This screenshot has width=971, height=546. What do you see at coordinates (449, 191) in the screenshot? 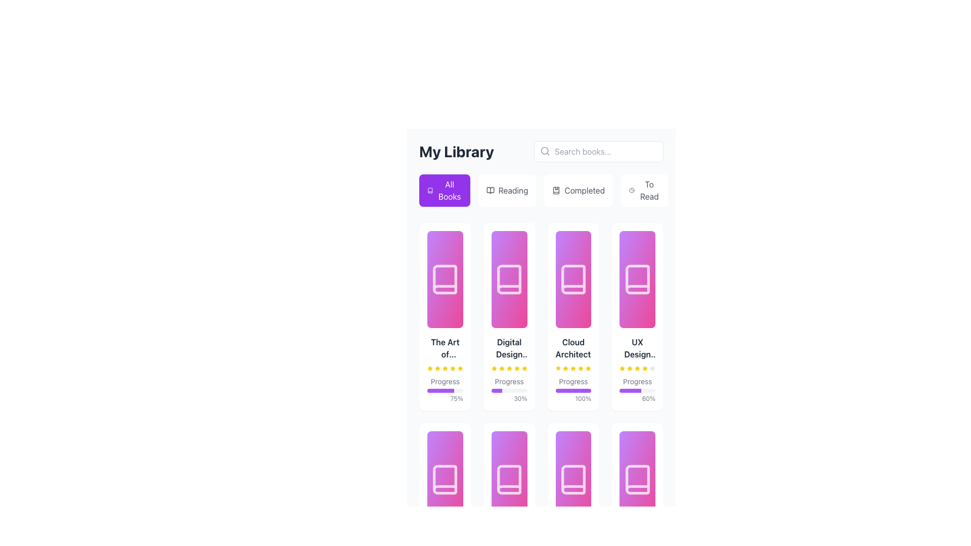
I see `the 'All Books' button, which is styled with white font on a vibrant purple background` at bounding box center [449, 191].